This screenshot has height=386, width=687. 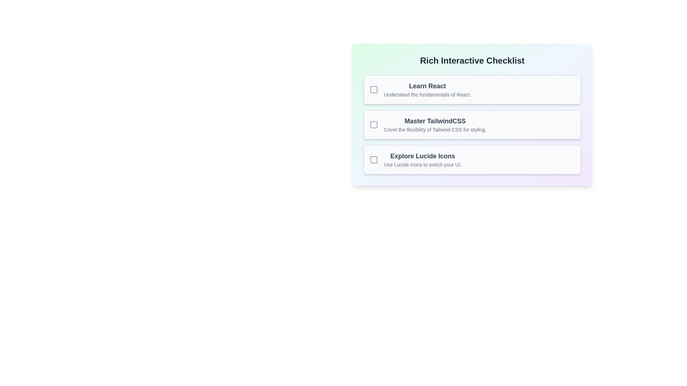 I want to click on the checkbox for 'Master TailwindCSS', so click(x=374, y=124).